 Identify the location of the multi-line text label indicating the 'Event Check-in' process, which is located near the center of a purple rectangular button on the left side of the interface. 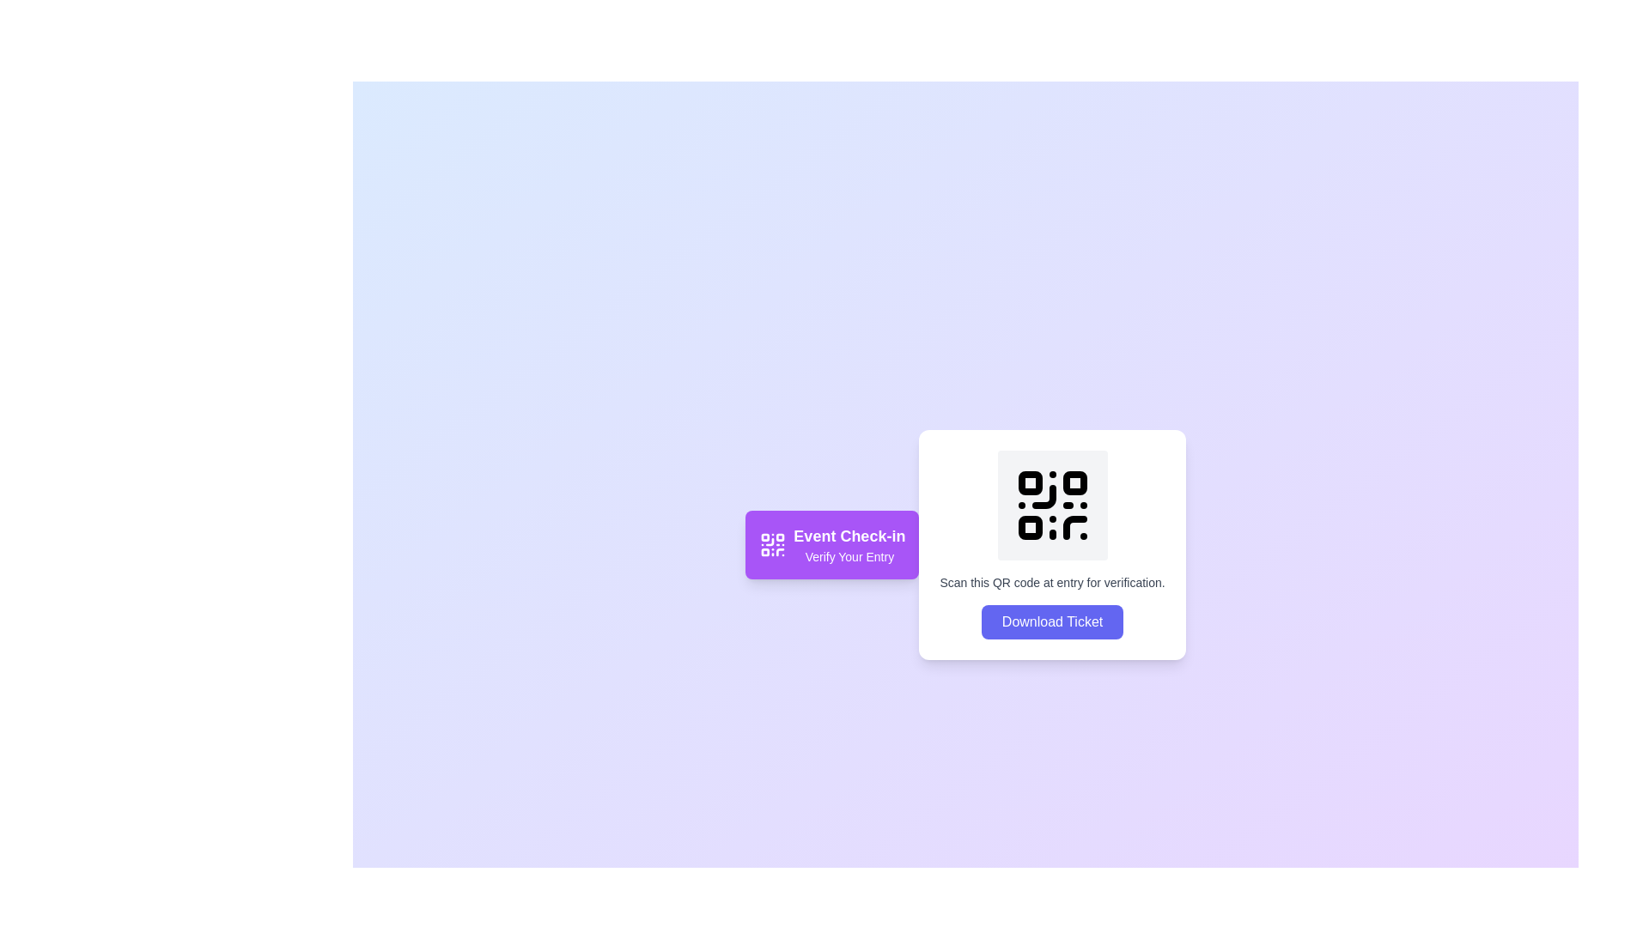
(849, 545).